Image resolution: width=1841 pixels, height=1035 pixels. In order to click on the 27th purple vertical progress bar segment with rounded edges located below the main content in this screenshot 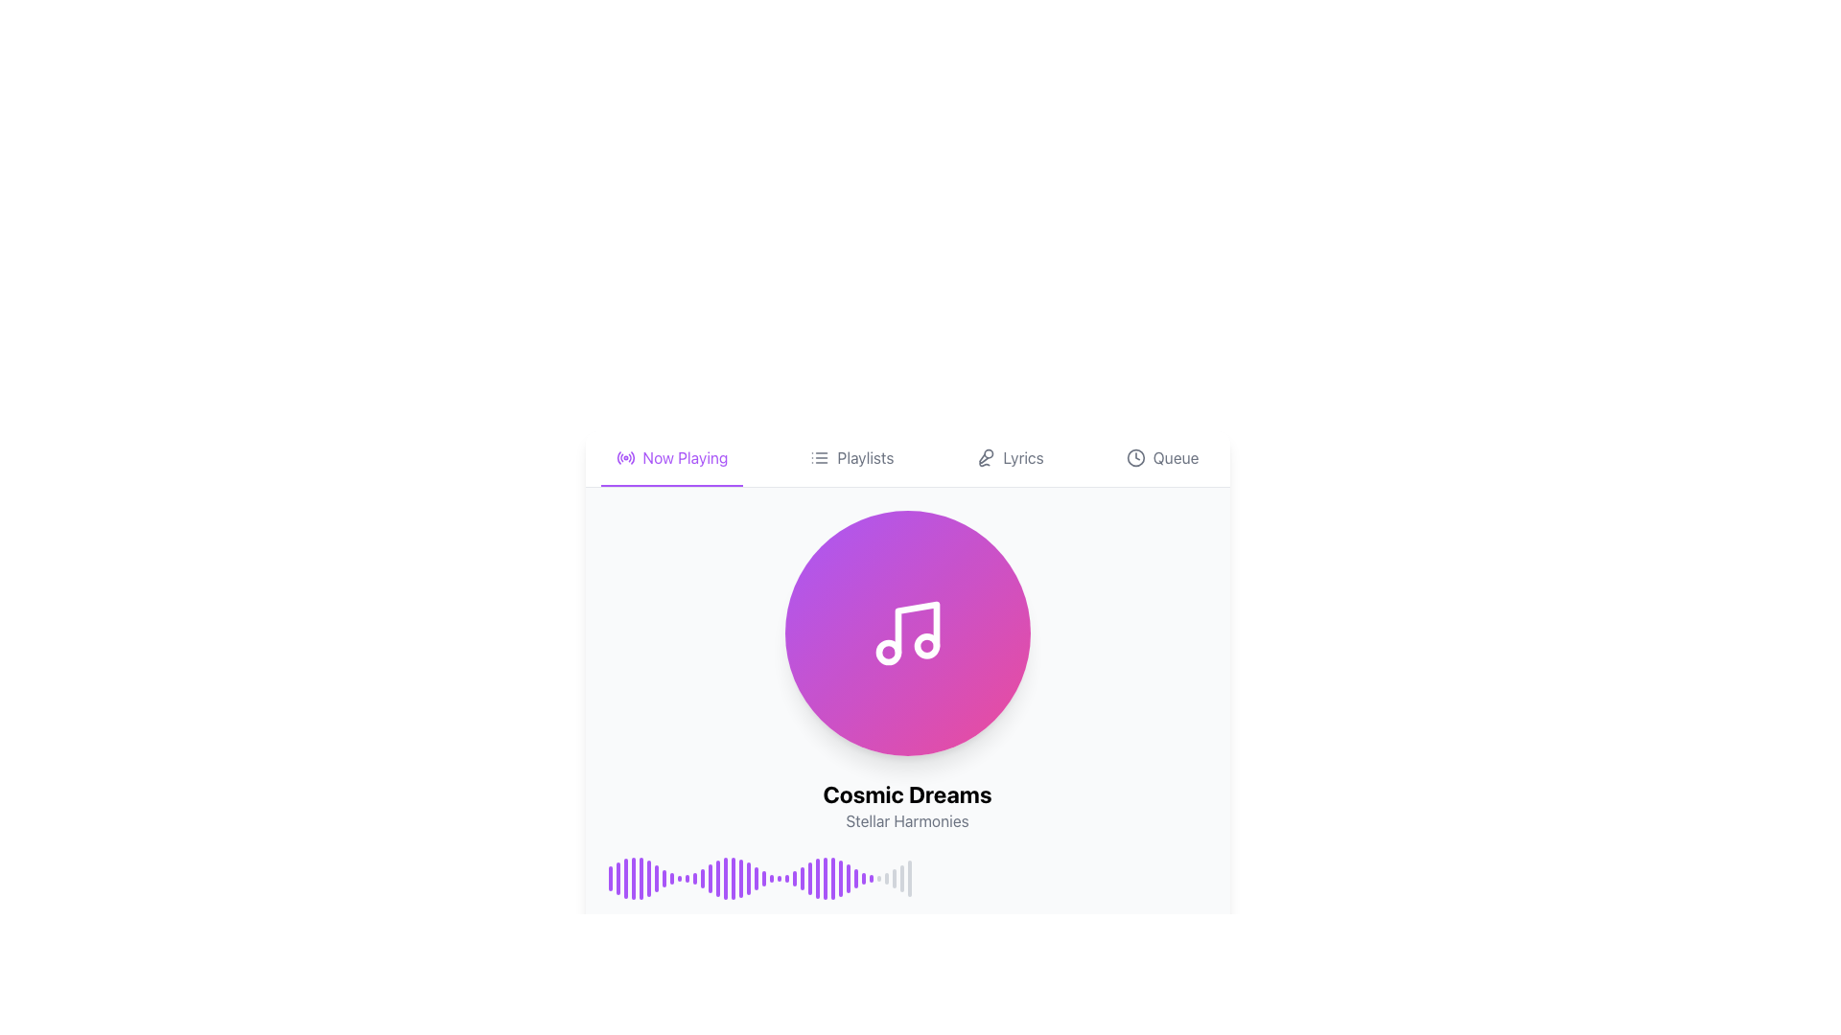, I will do `click(832, 879)`.